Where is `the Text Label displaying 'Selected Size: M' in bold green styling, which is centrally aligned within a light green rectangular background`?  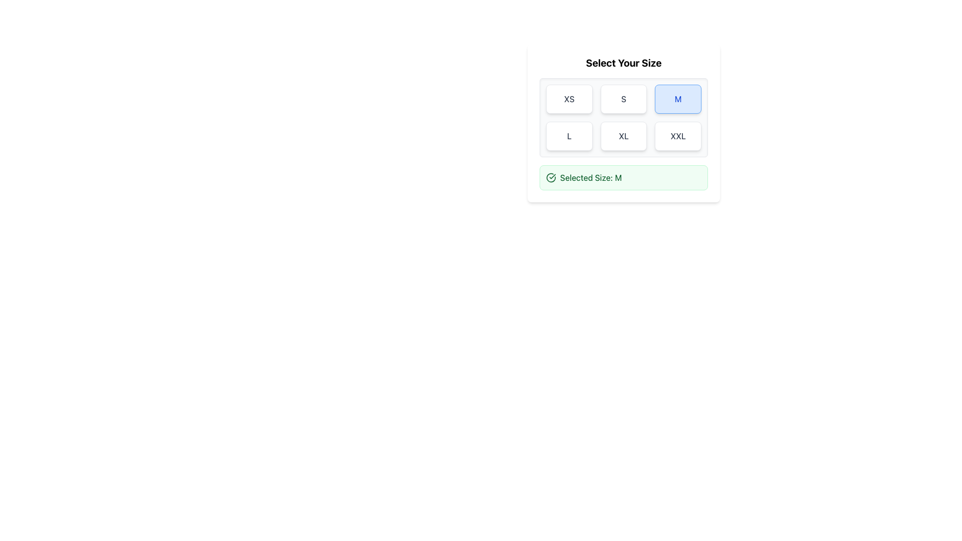
the Text Label displaying 'Selected Size: M' in bold green styling, which is centrally aligned within a light green rectangular background is located at coordinates (591, 177).